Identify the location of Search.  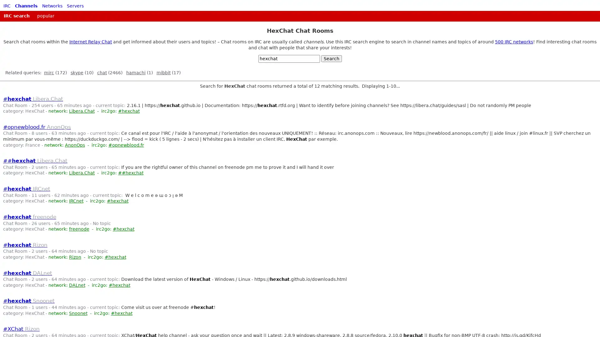
(331, 59).